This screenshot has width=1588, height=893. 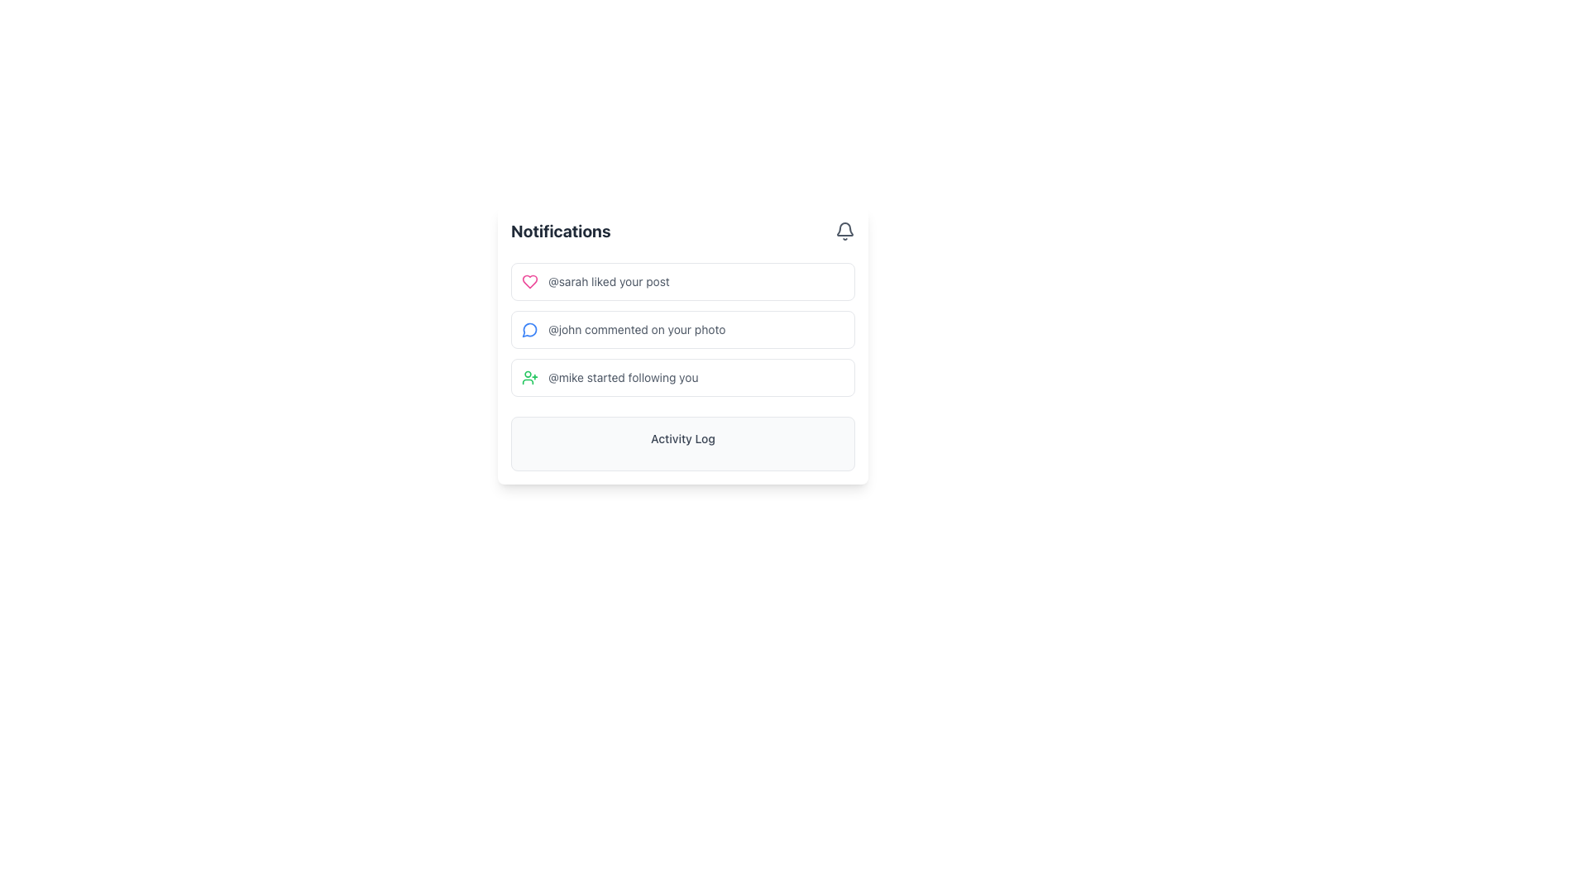 I want to click on text label that informs the user that '@mike' has started following them, located within the notification card below the '@john commented on your photo' notification, so click(x=622, y=377).